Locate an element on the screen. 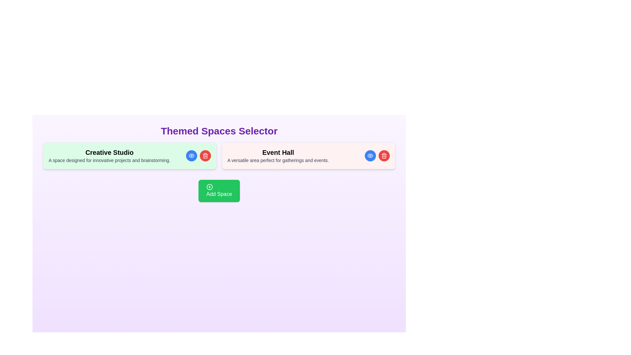  the static text reading 'A space designed for innovative projects and brainstorming.' located within the light green box labeled 'Creative Studio' is located at coordinates (109, 160).